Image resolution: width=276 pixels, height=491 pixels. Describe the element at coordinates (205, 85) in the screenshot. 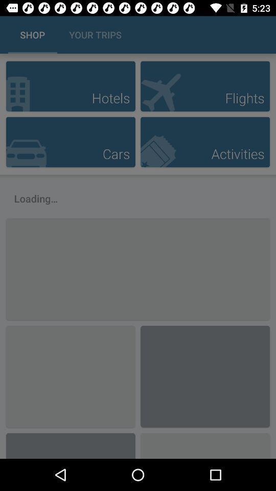

I see `flights button` at that location.